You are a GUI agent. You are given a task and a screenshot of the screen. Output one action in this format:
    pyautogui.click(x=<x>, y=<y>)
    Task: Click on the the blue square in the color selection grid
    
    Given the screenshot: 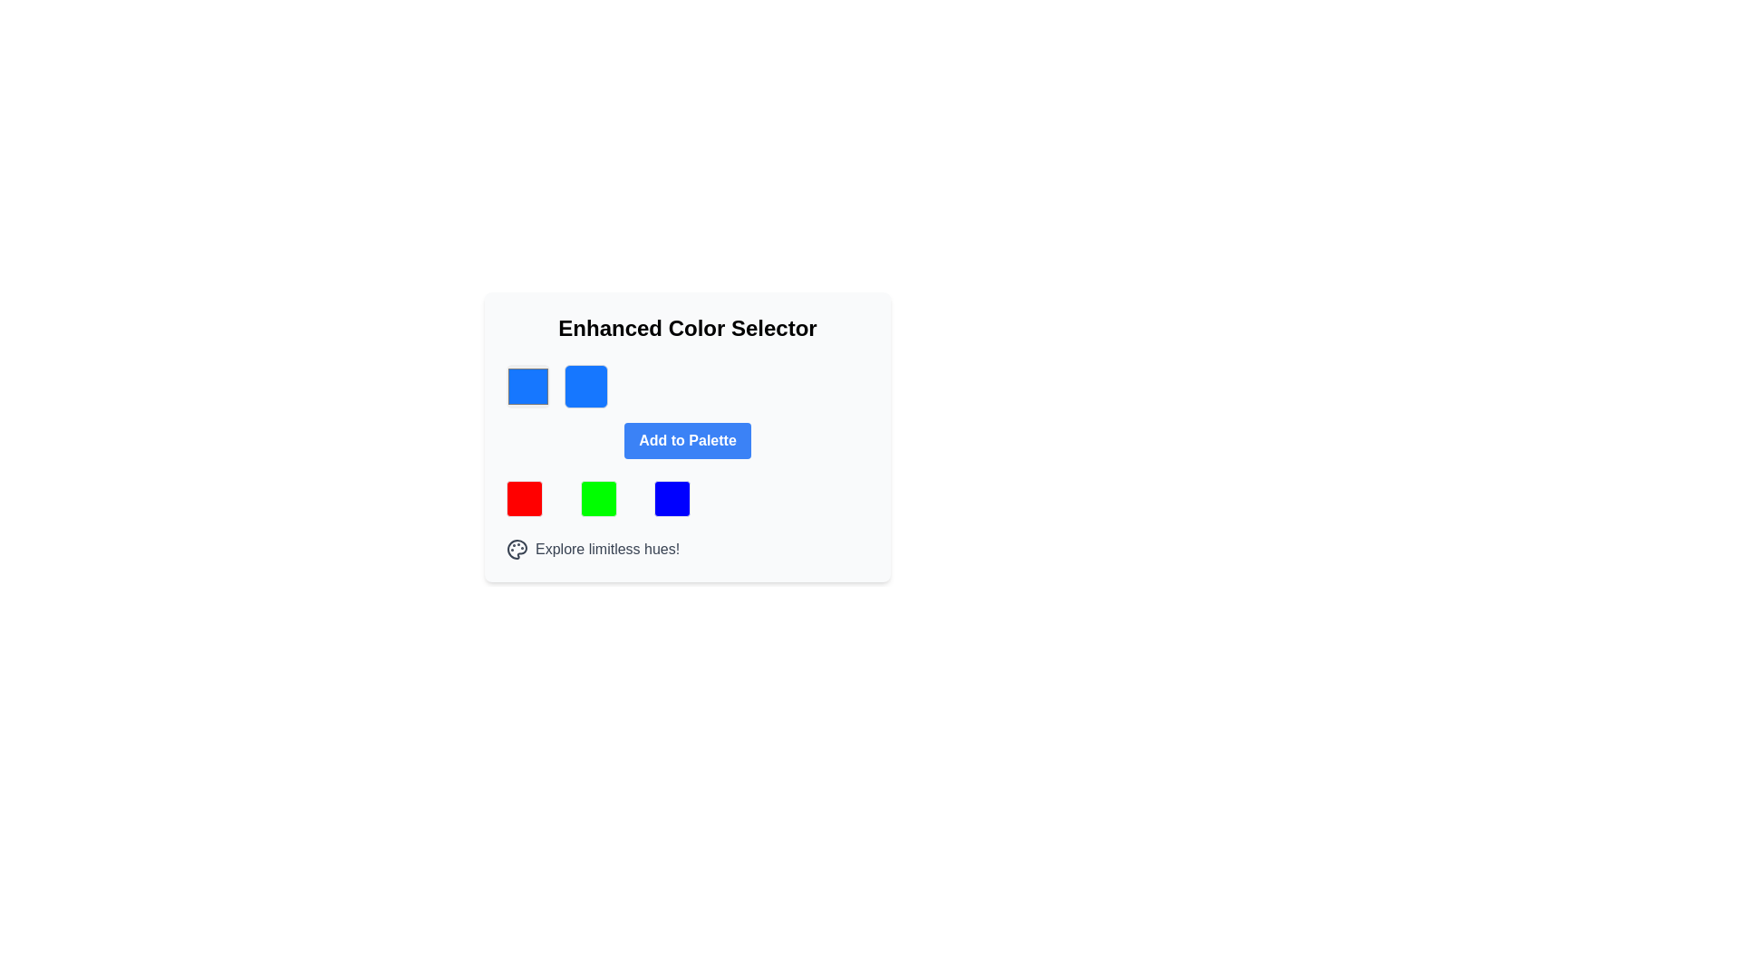 What is the action you would take?
    pyautogui.click(x=686, y=499)
    